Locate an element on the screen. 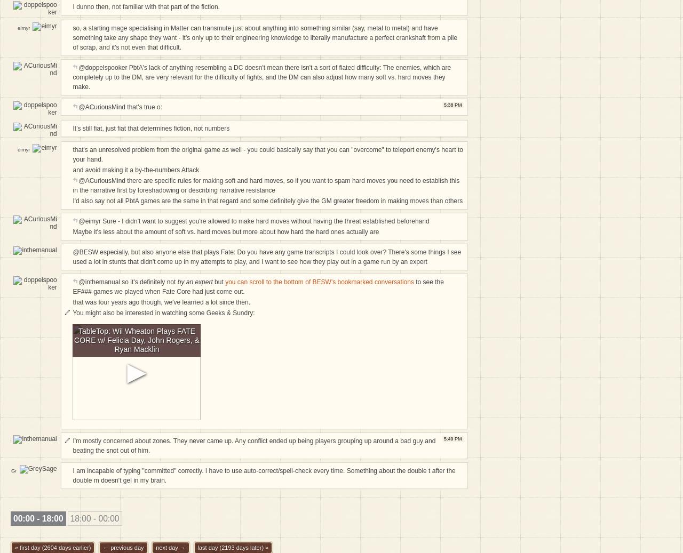 This screenshot has width=683, height=553. 'GreySage' is located at coordinates (13, 479).